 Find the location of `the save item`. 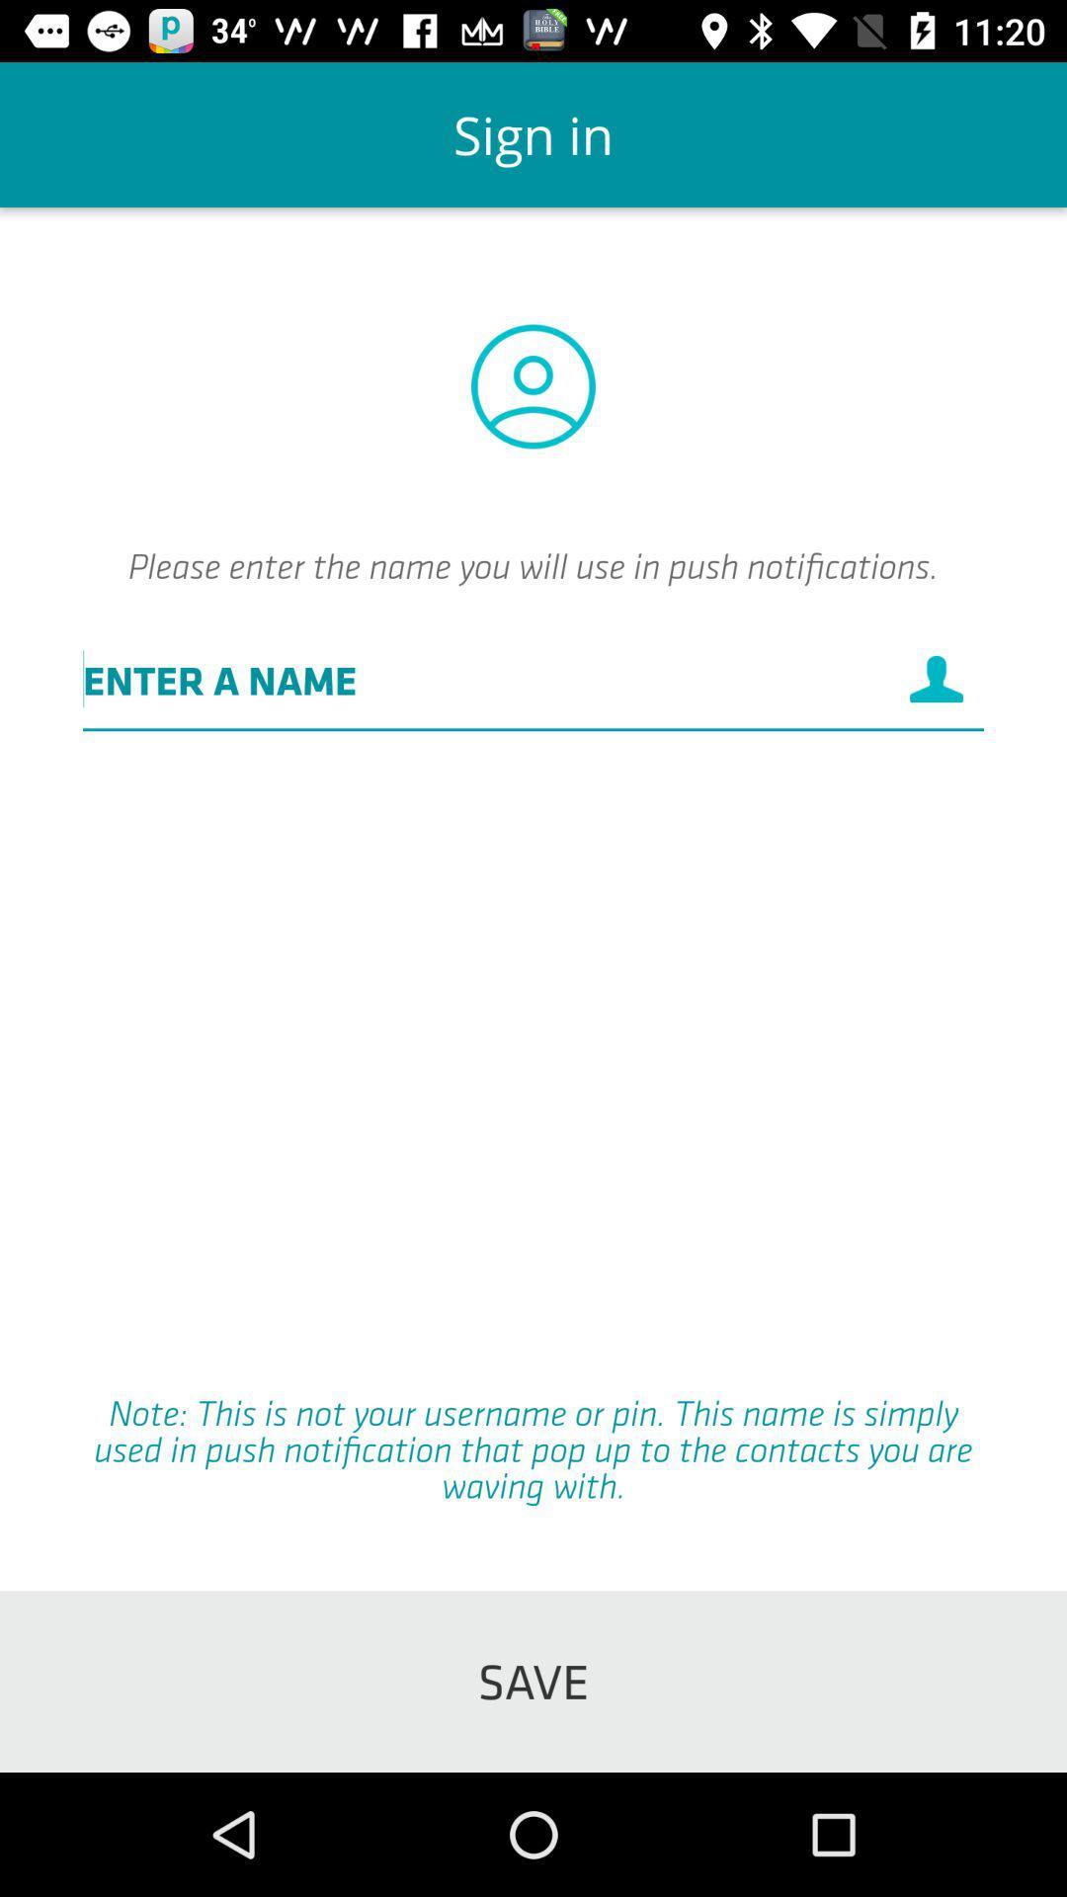

the save item is located at coordinates (533, 1681).